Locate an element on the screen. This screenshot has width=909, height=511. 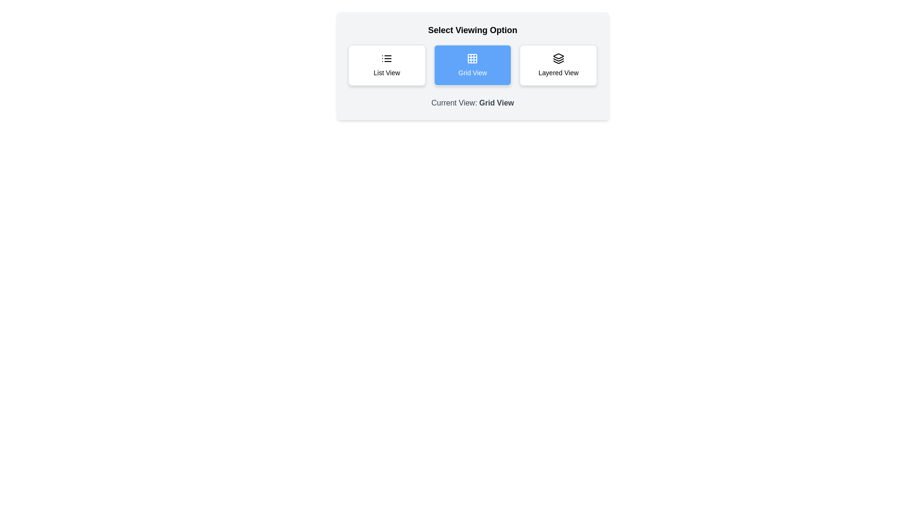
the 'Grid View' text label located at the bottom-center of the viewing options panel, which indicates the currently selected layout view is located at coordinates (496, 103).